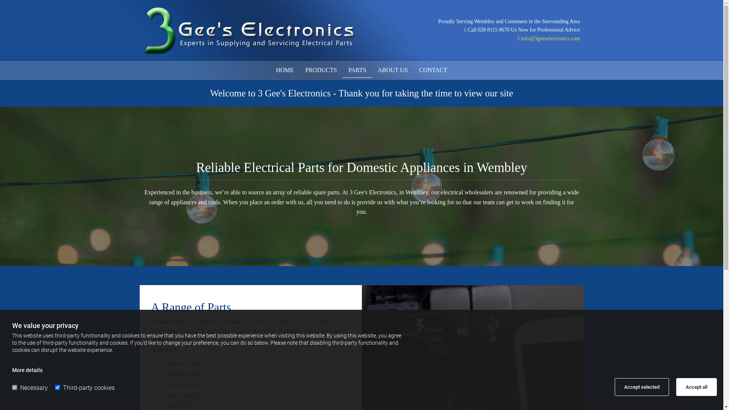 The width and height of the screenshot is (729, 410). What do you see at coordinates (284, 70) in the screenshot?
I see `'HOME'` at bounding box center [284, 70].